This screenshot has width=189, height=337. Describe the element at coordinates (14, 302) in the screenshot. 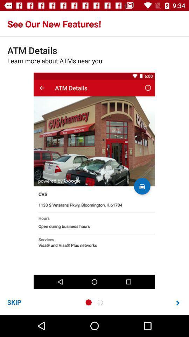

I see `the icon below learn more about icon` at that location.